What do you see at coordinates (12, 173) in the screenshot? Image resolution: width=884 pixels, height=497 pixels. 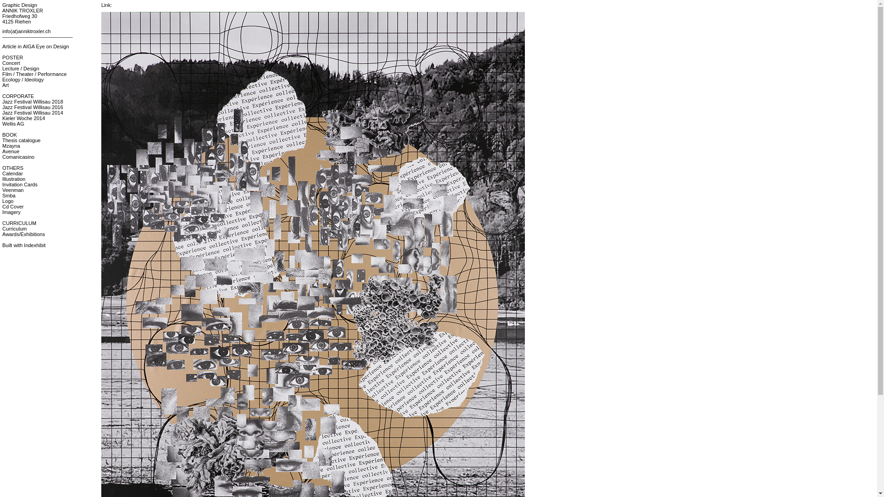 I see `'Calendar'` at bounding box center [12, 173].